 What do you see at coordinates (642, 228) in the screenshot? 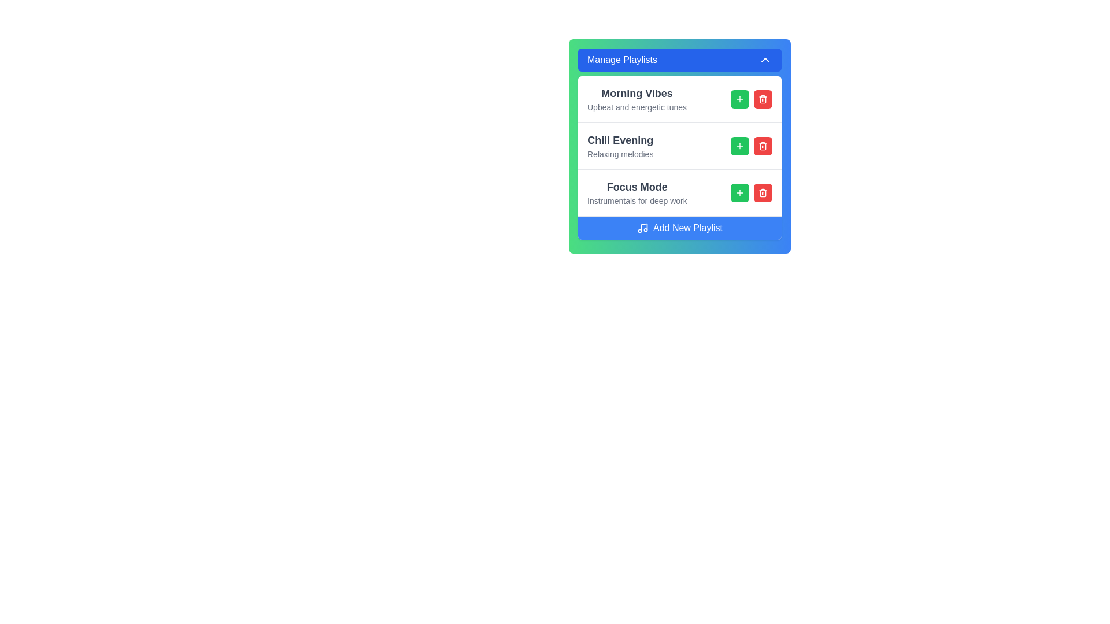
I see `the music playlist icon located at the top-left corner of the 'Add New Playlist' button` at bounding box center [642, 228].